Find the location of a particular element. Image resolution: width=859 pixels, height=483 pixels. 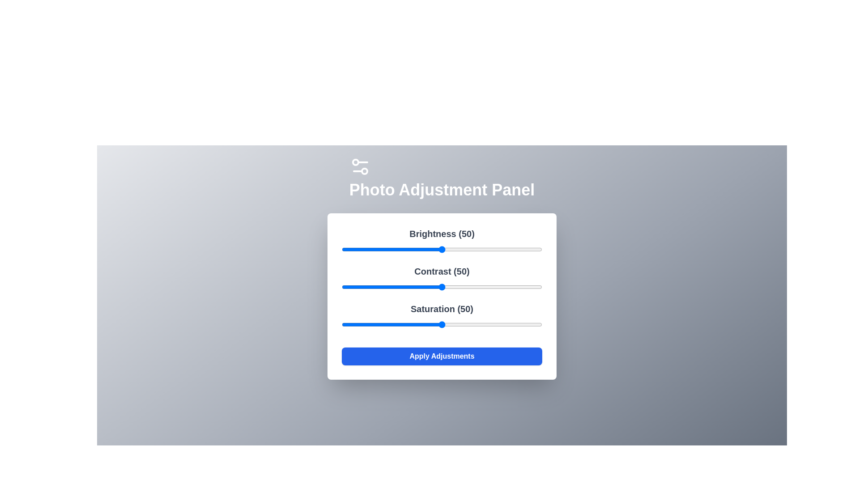

the 1 slider to 44 is located at coordinates (430, 287).